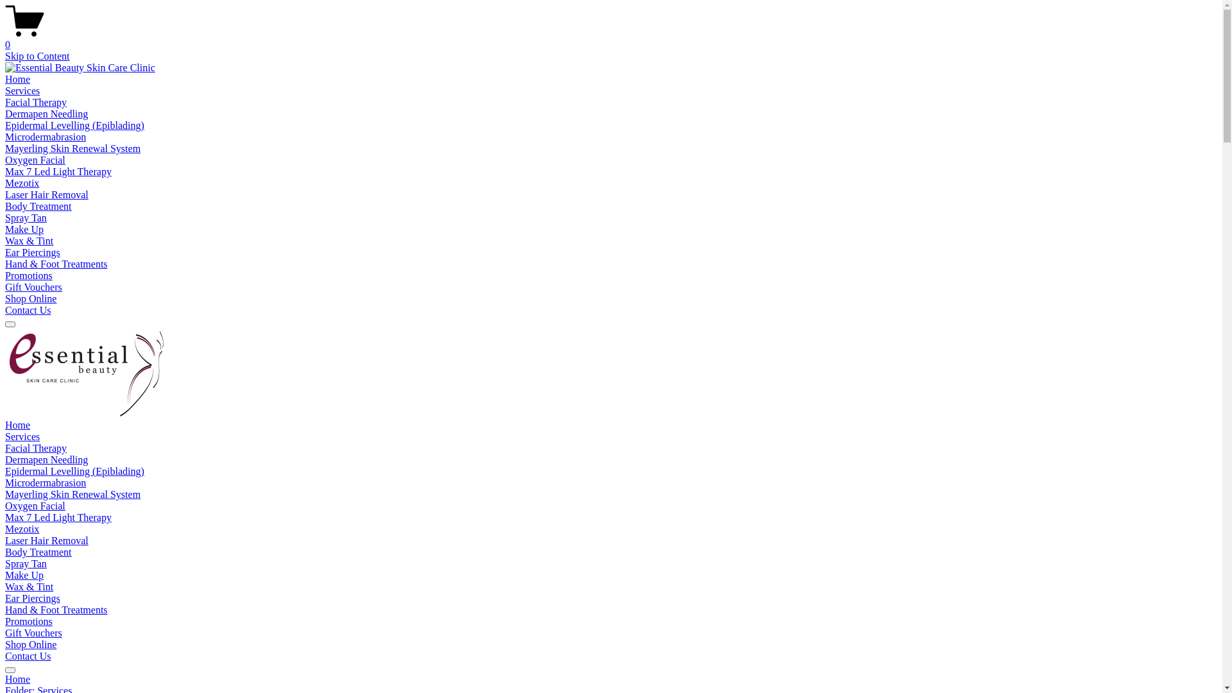 This screenshot has width=1232, height=693. What do you see at coordinates (74, 471) in the screenshot?
I see `'Epidermal Levelling (Epiblading)'` at bounding box center [74, 471].